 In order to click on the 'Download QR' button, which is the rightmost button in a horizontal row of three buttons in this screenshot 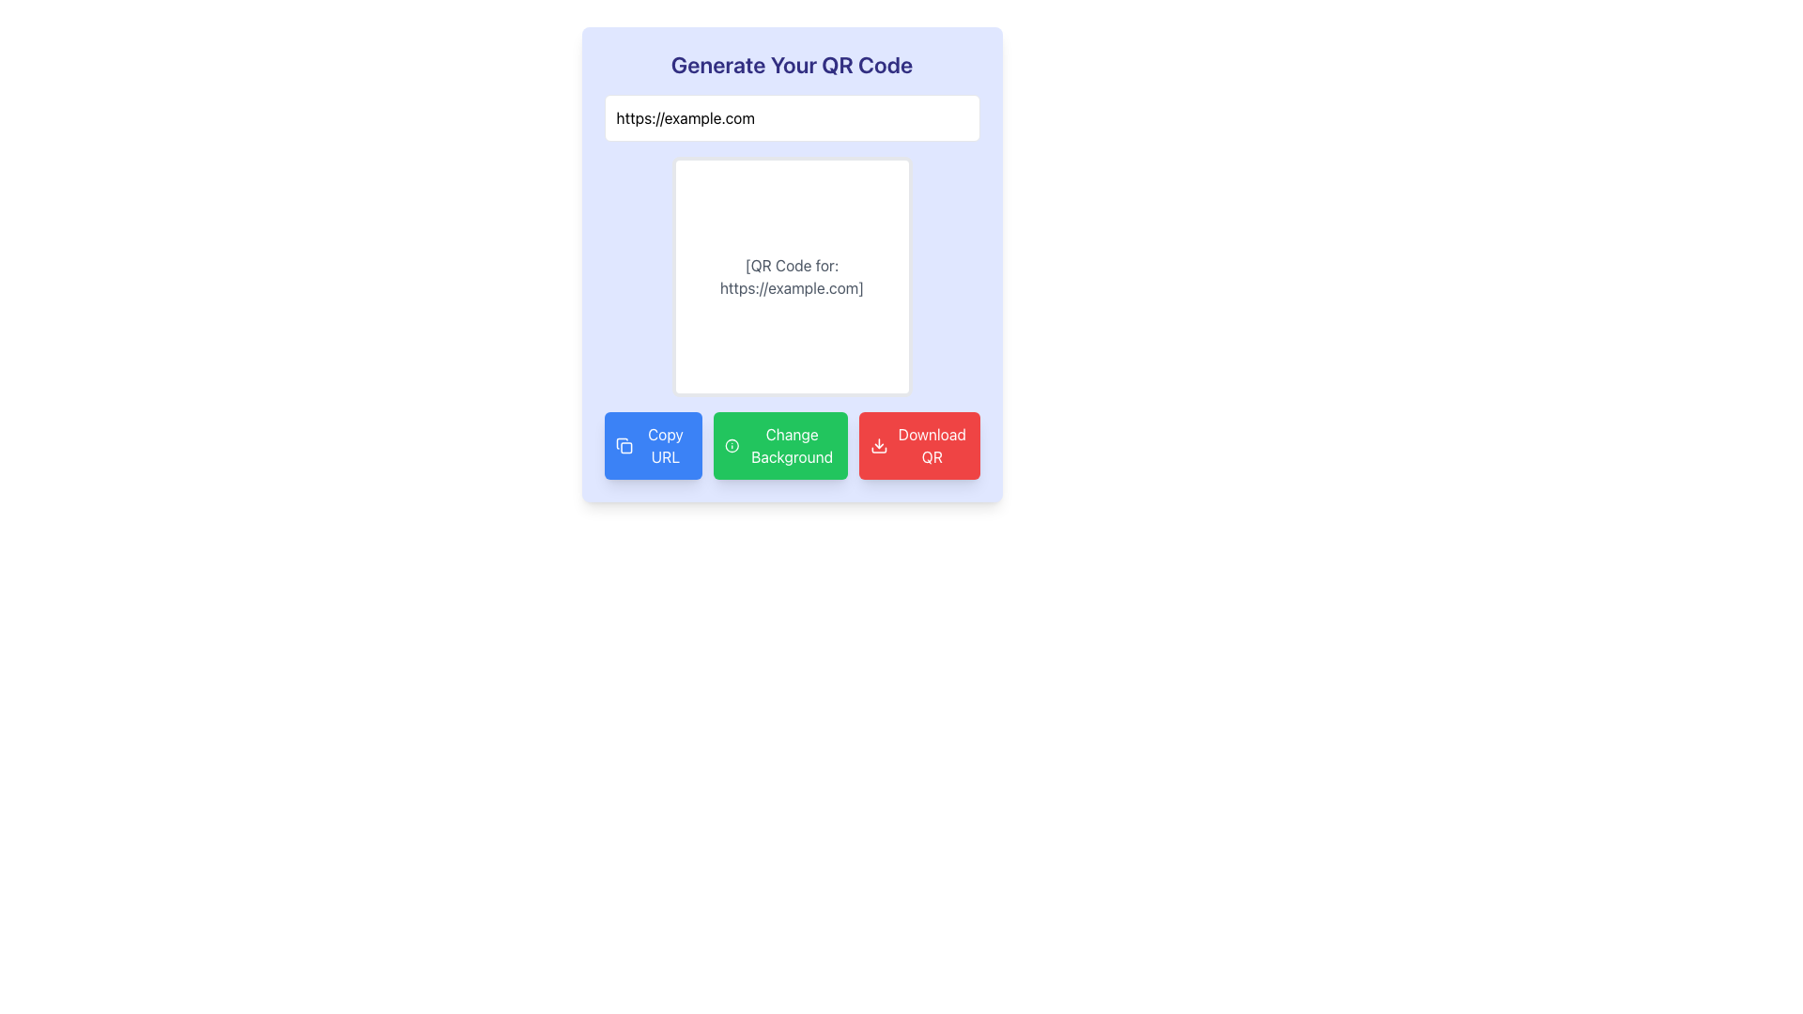, I will do `click(919, 445)`.